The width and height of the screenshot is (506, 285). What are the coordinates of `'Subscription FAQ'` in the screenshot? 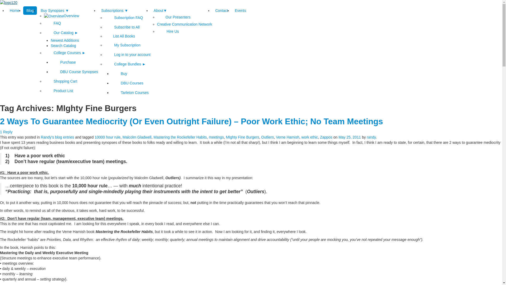 It's located at (105, 17).